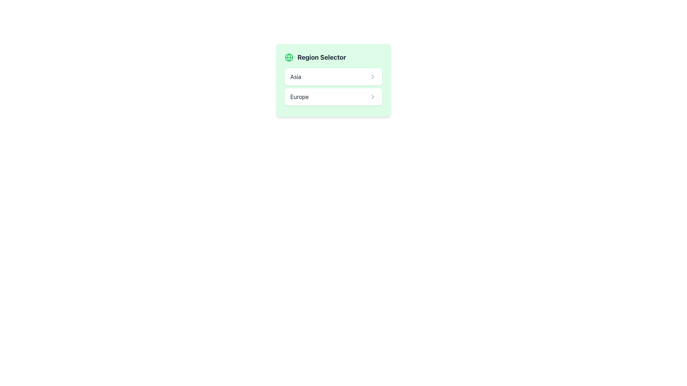  I want to click on the right-pointing arrow icon within the 'Region Selector' component, so click(372, 96).